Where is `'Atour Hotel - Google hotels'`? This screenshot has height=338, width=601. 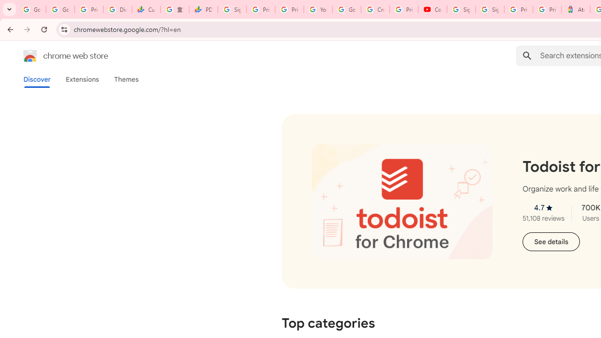 'Atour Hotel - Google hotels' is located at coordinates (575, 9).